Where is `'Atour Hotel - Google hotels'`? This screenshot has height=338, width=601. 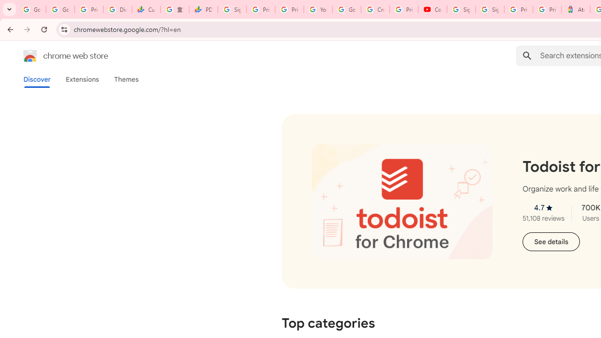 'Atour Hotel - Google hotels' is located at coordinates (575, 9).